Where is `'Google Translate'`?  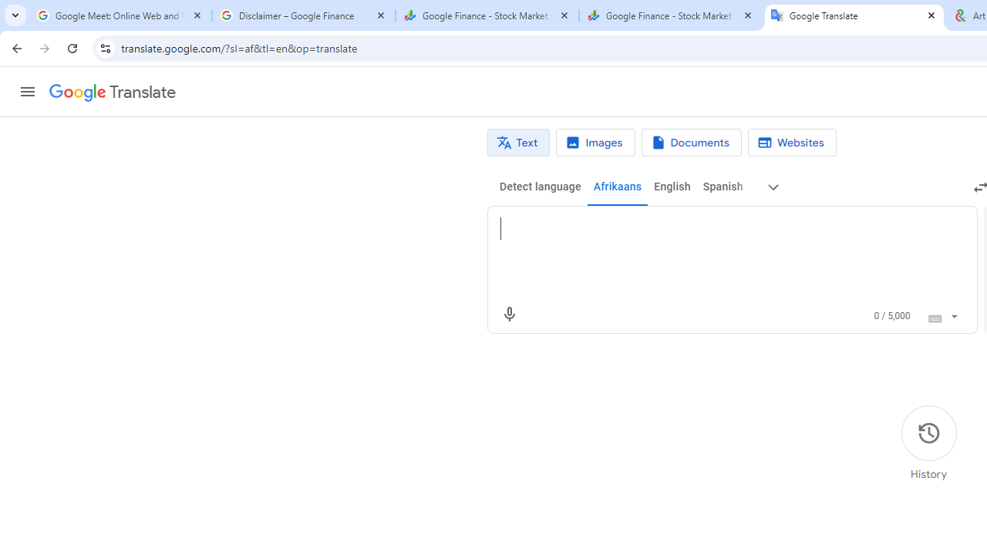 'Google Translate' is located at coordinates (111, 92).